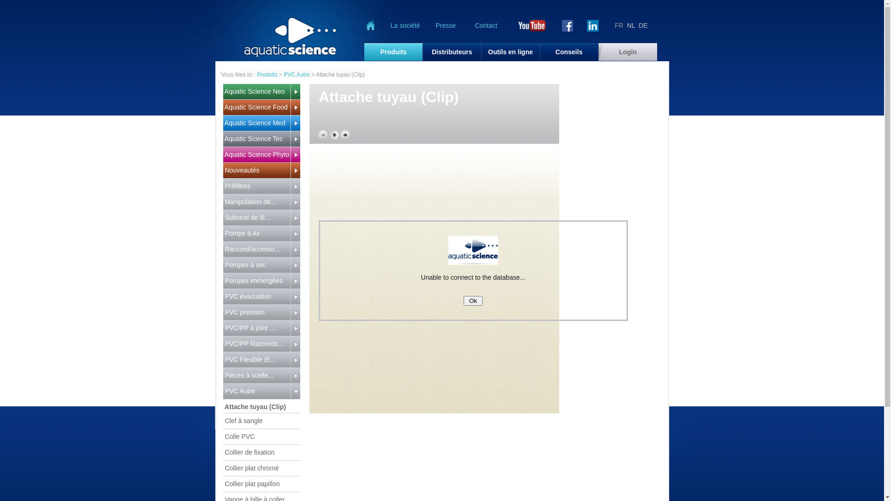  What do you see at coordinates (260, 452) in the screenshot?
I see `' Collier de fixation'` at bounding box center [260, 452].